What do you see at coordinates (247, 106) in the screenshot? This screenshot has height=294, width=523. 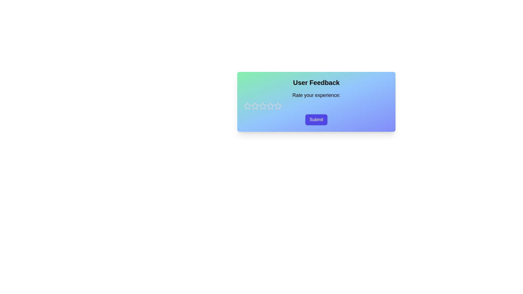 I see `the first rating star icon in the feedback component` at bounding box center [247, 106].